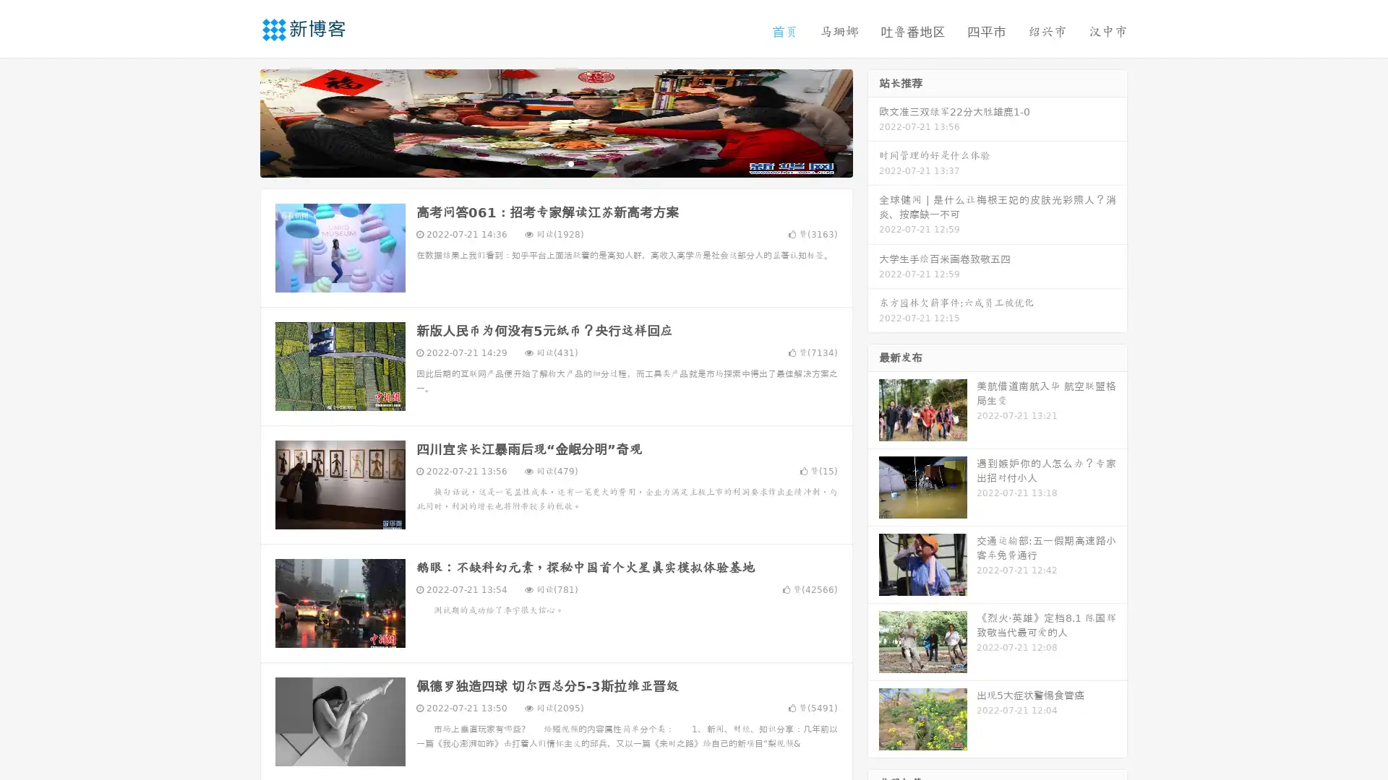 This screenshot has height=780, width=1388. Describe the element at coordinates (873, 121) in the screenshot. I see `Next slide` at that location.